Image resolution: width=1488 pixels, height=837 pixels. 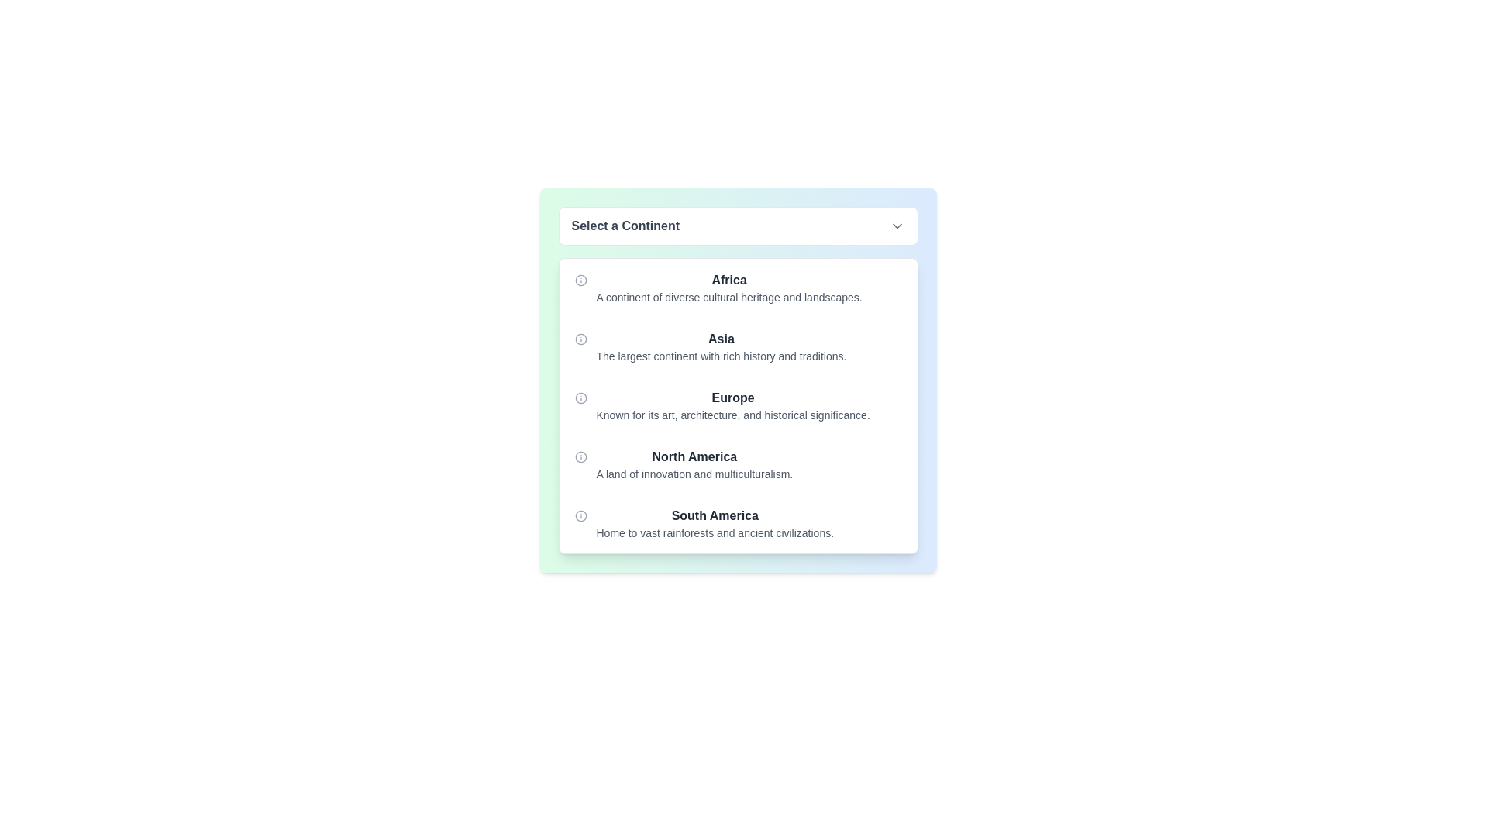 I want to click on the third item in the 'Select a Continent' list, so click(x=737, y=405).